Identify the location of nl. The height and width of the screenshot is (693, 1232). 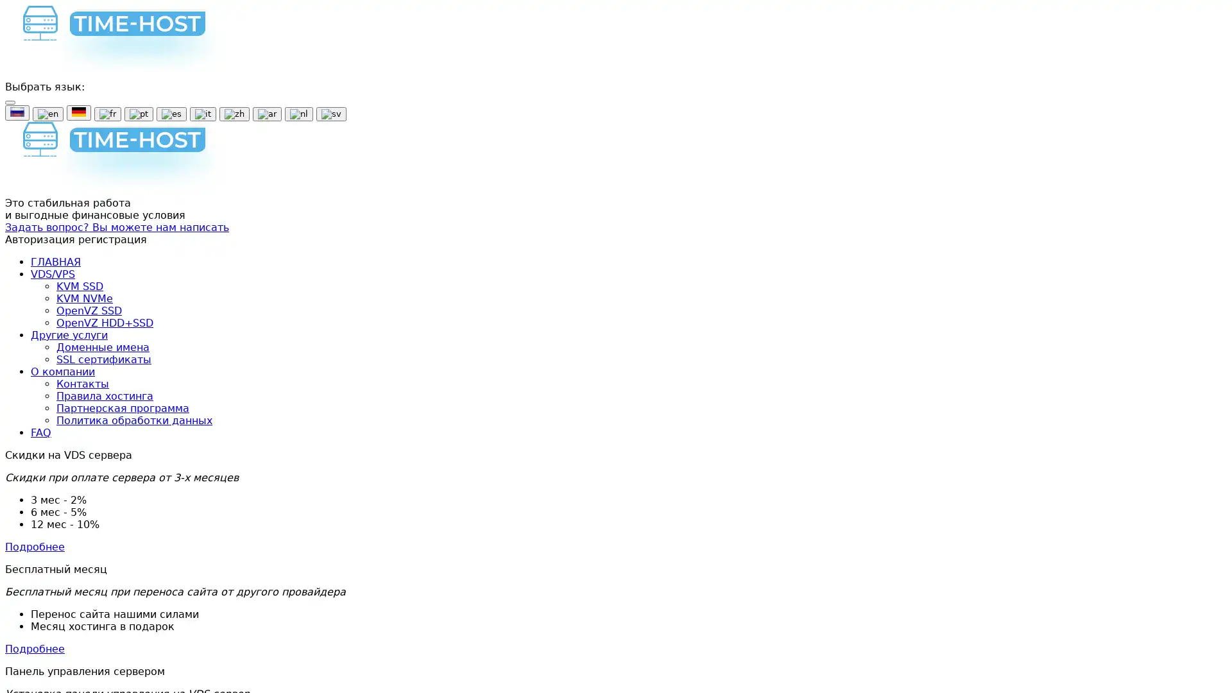
(298, 113).